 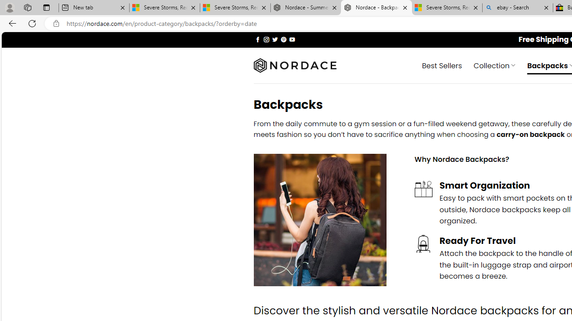 I want to click on 'Follow on Facebook', so click(x=257, y=39).